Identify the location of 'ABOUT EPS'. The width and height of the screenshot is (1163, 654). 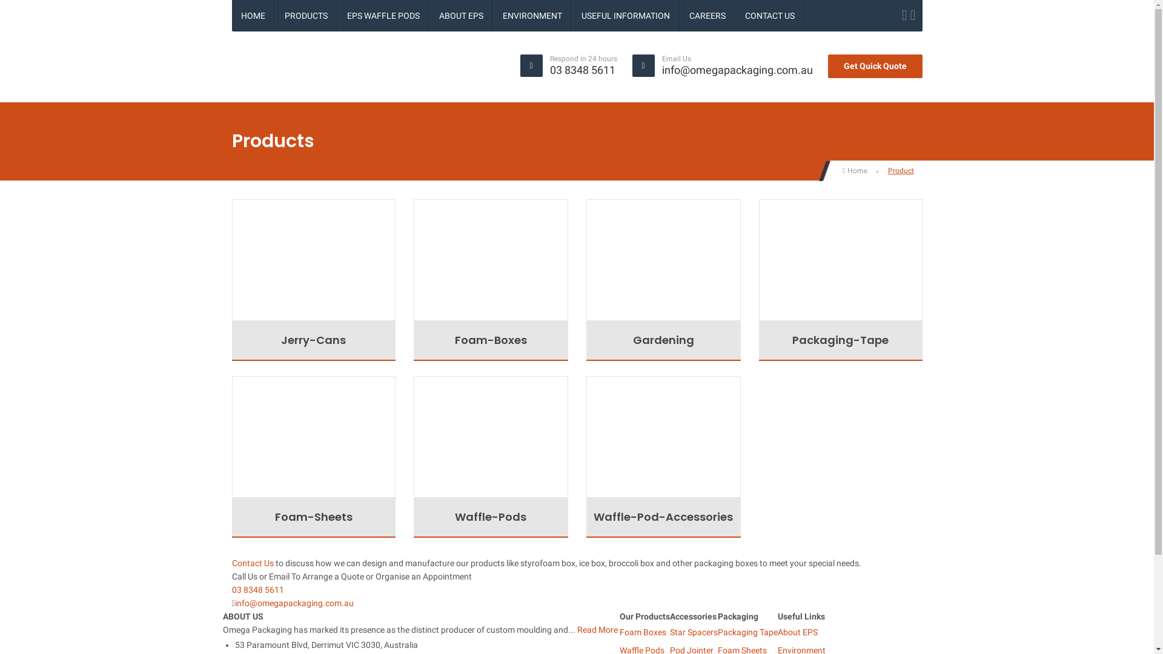
(460, 16).